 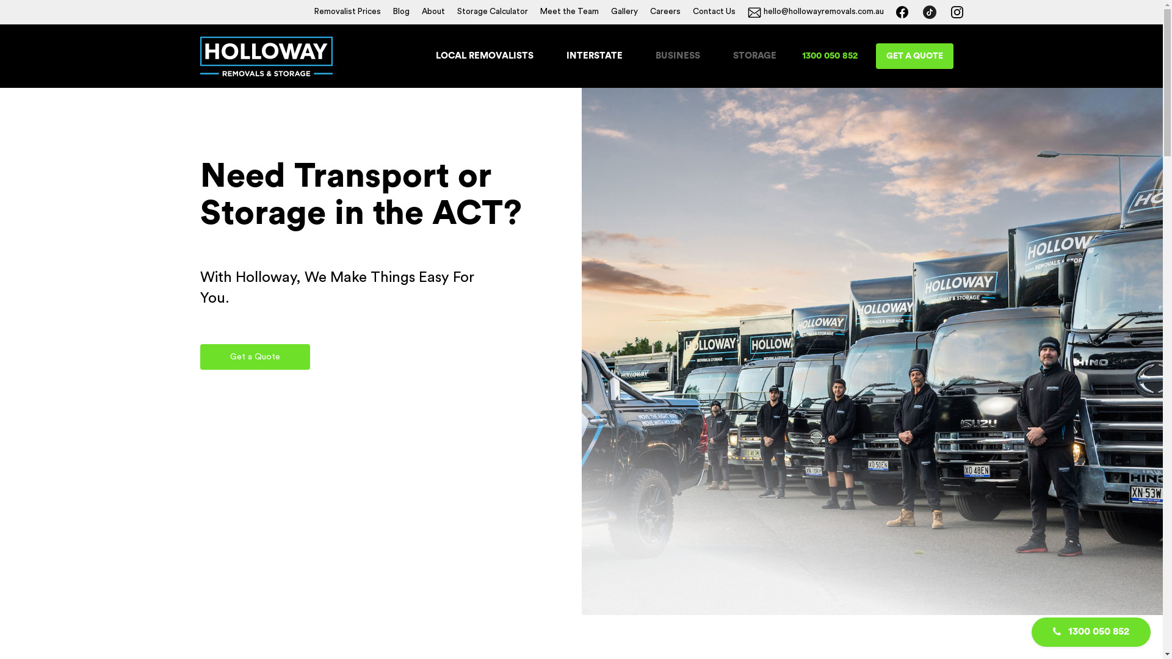 What do you see at coordinates (433, 12) in the screenshot?
I see `'About'` at bounding box center [433, 12].